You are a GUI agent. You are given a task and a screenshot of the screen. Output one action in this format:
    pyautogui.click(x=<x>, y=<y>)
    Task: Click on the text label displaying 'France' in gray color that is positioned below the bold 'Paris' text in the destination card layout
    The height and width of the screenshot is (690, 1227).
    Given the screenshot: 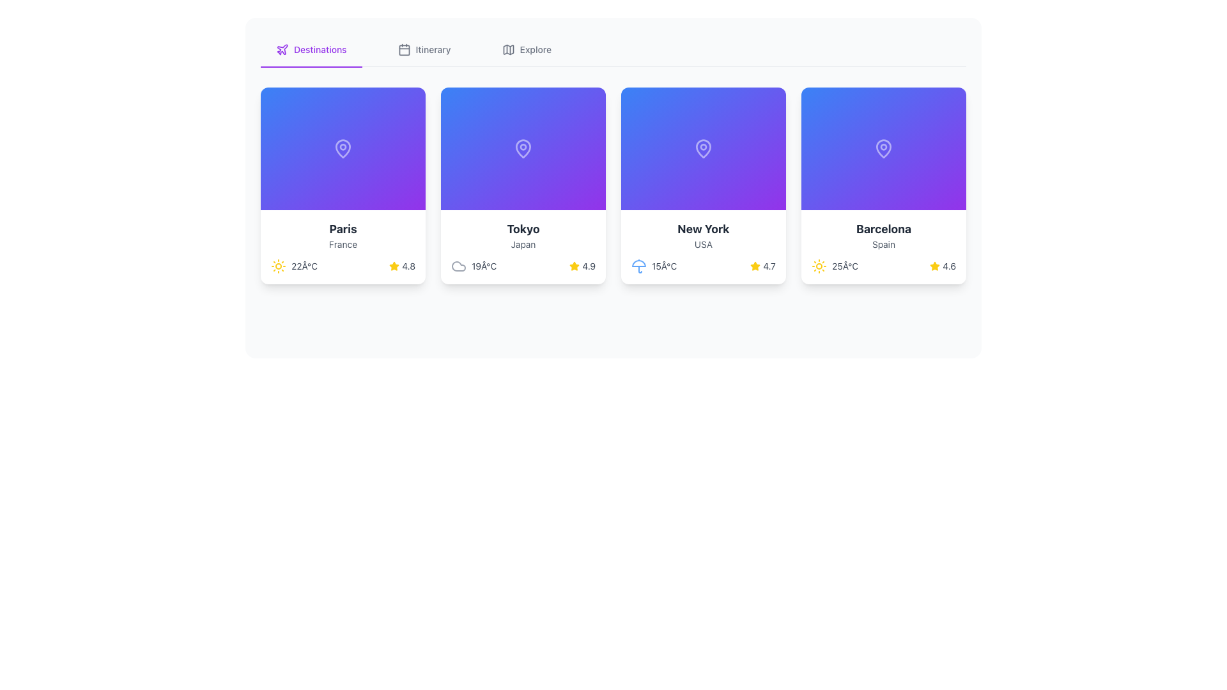 What is the action you would take?
    pyautogui.click(x=343, y=244)
    